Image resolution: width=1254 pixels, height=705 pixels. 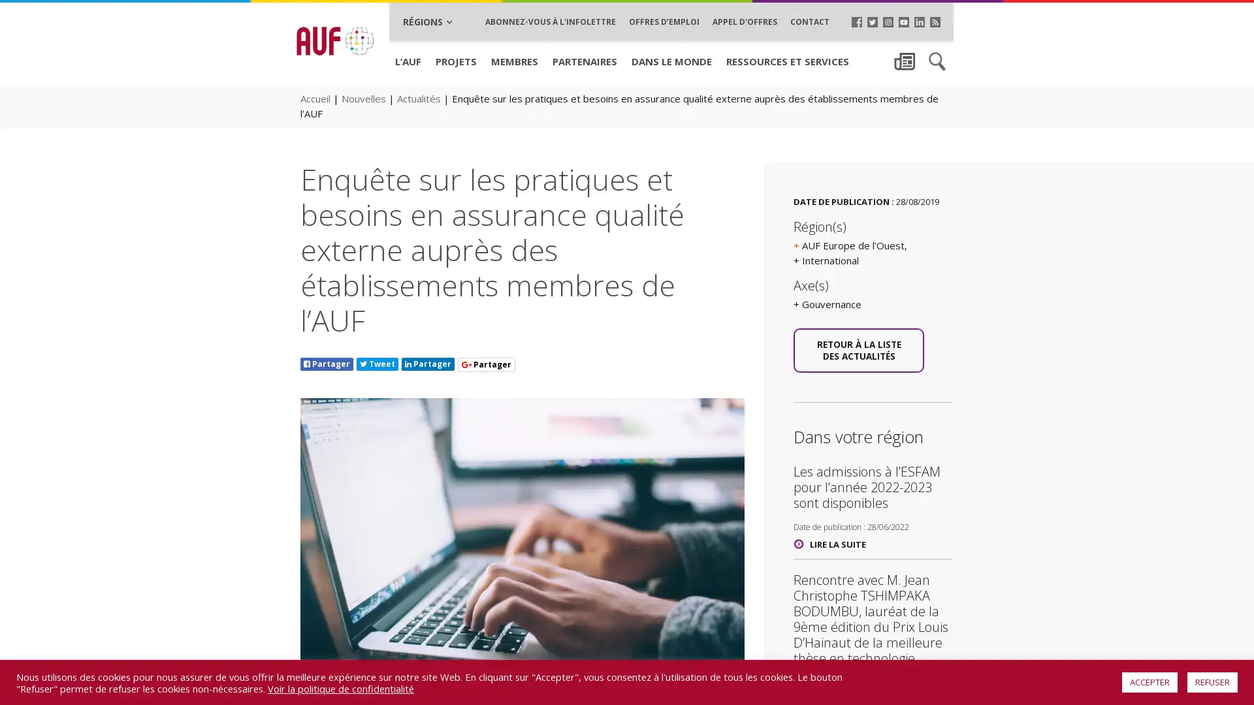 What do you see at coordinates (1212, 681) in the screenshot?
I see `REFUSER` at bounding box center [1212, 681].